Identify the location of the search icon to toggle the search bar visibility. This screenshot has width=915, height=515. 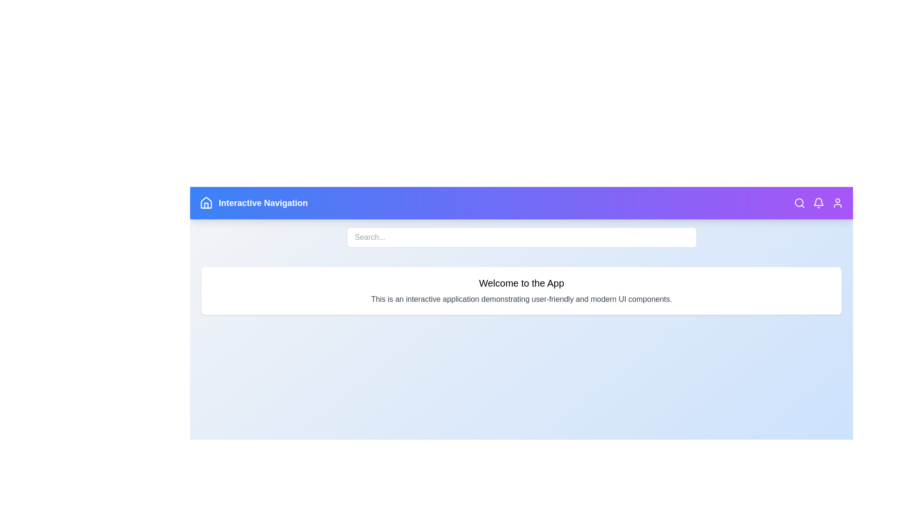
(800, 202).